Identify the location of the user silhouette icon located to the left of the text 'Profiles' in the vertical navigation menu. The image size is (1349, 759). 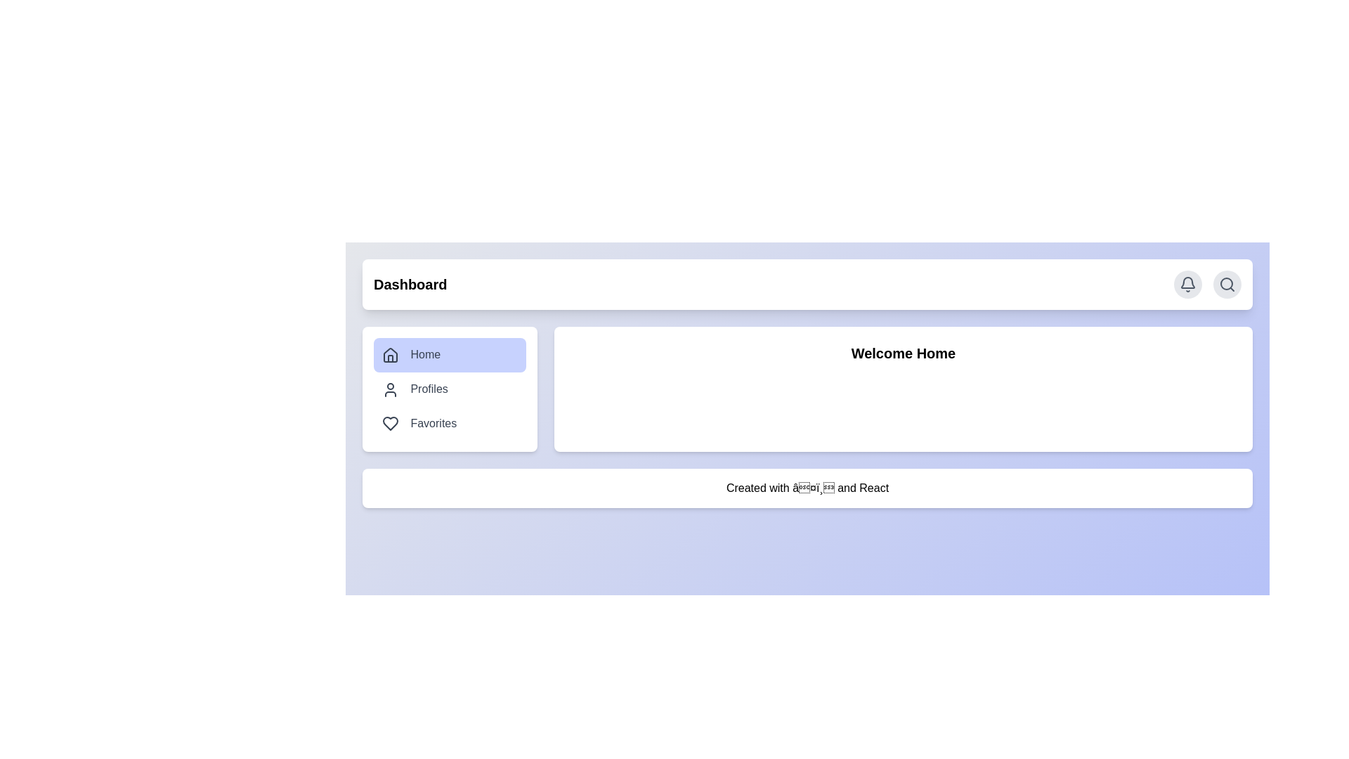
(391, 389).